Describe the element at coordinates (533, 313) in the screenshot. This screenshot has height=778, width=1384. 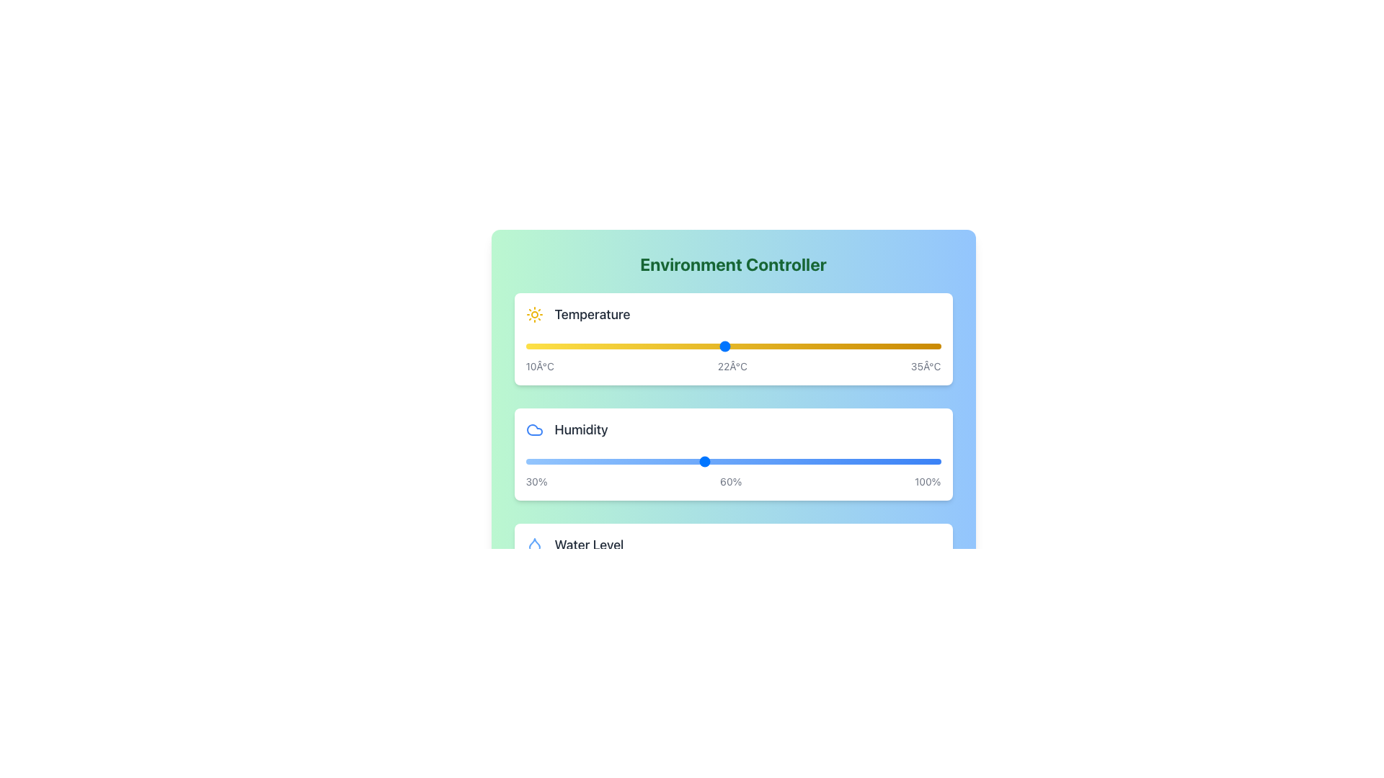
I see `the Temperature icon located on the left side of the header section labeled 'Temperature', which is the first element in the Temperature control group` at that location.